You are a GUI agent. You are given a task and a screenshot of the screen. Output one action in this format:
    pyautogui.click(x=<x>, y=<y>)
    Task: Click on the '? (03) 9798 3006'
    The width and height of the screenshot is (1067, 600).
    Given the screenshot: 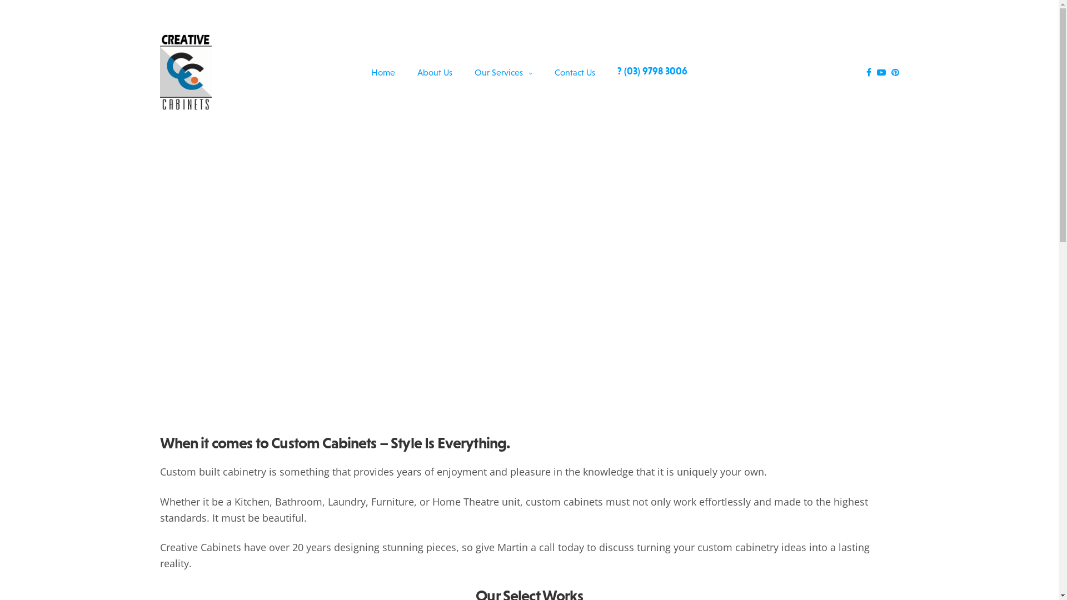 What is the action you would take?
    pyautogui.click(x=652, y=71)
    